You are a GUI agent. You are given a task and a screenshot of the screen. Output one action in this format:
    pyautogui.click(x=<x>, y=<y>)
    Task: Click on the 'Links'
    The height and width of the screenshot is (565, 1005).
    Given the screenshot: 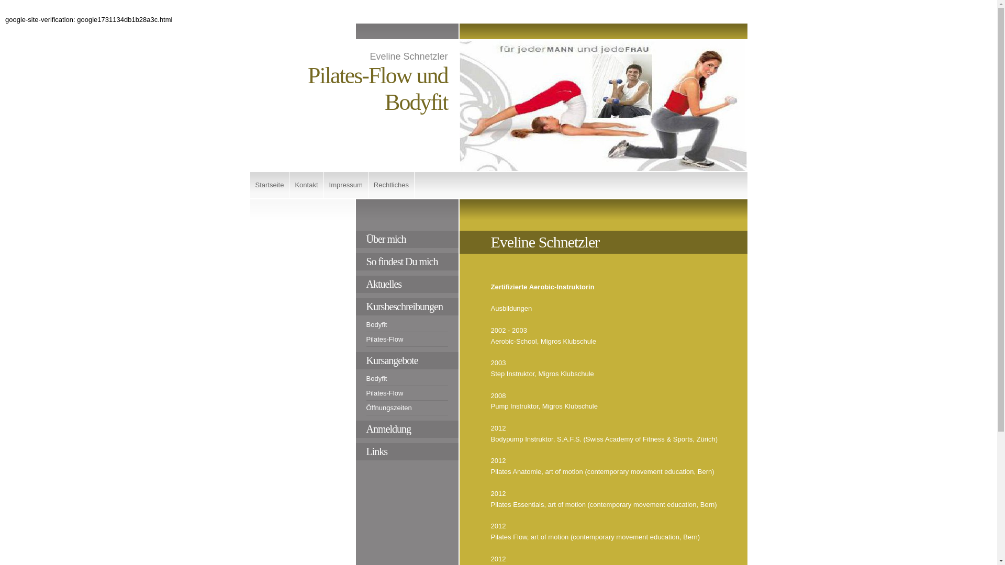 What is the action you would take?
    pyautogui.click(x=406, y=451)
    